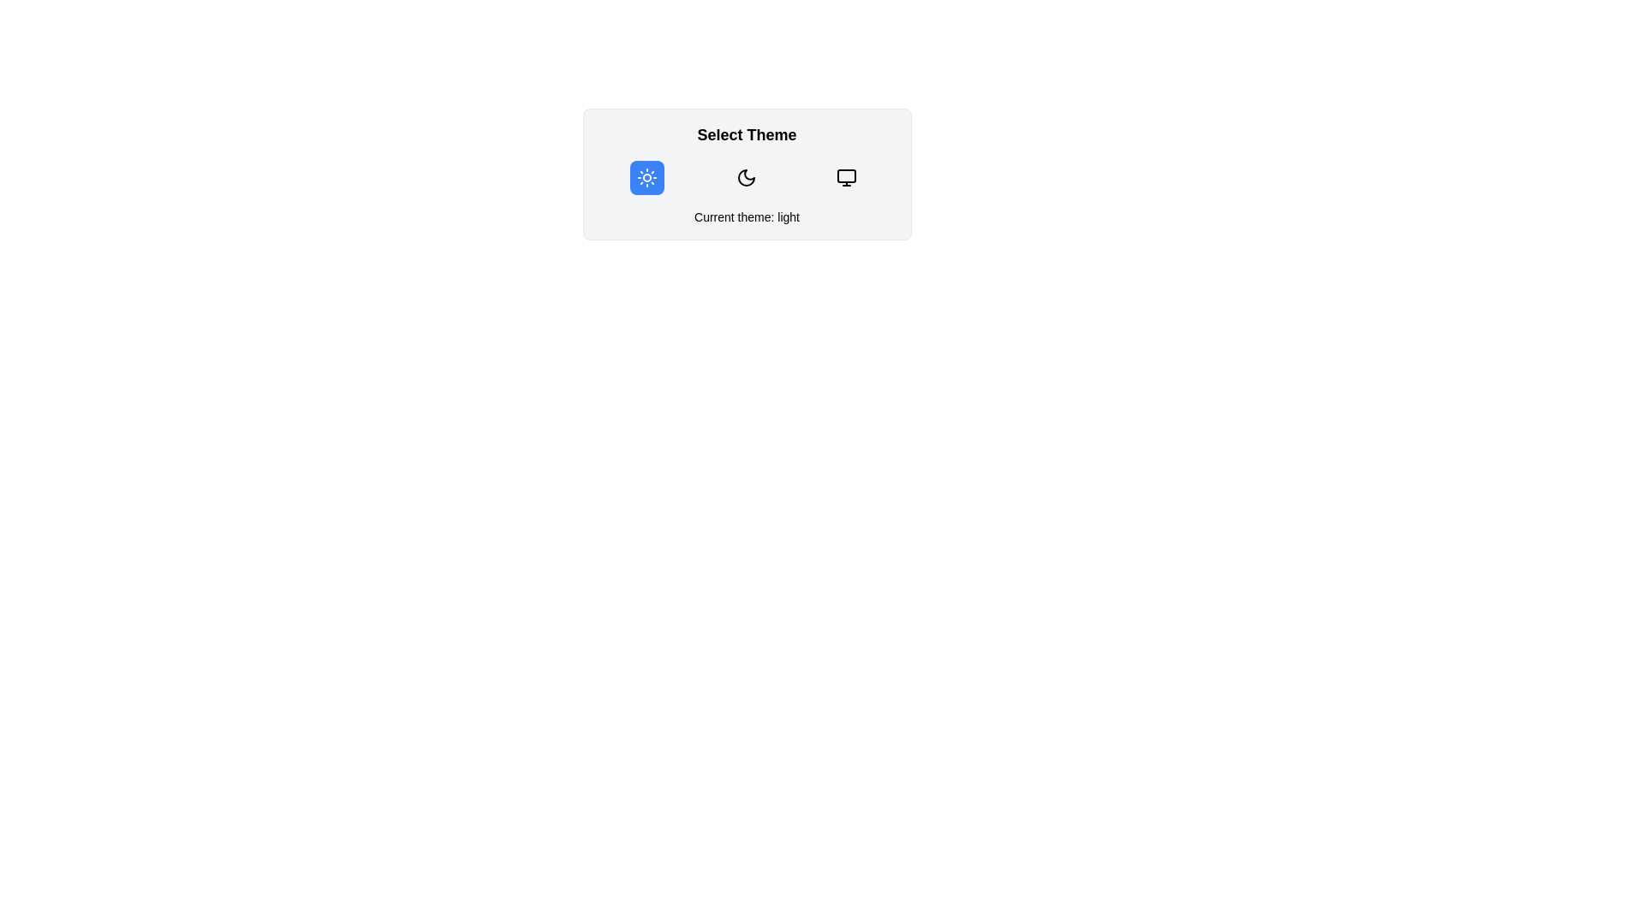 The width and height of the screenshot is (1644, 924). I want to click on the sun icon with a blue background and white stroke, so click(646, 178).